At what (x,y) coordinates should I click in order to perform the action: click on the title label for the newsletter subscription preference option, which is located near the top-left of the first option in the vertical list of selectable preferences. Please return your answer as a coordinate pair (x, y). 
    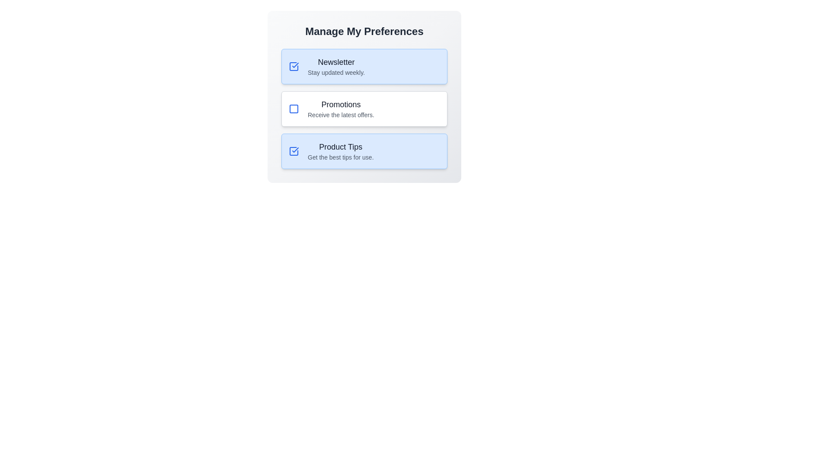
    Looking at the image, I should click on (335, 61).